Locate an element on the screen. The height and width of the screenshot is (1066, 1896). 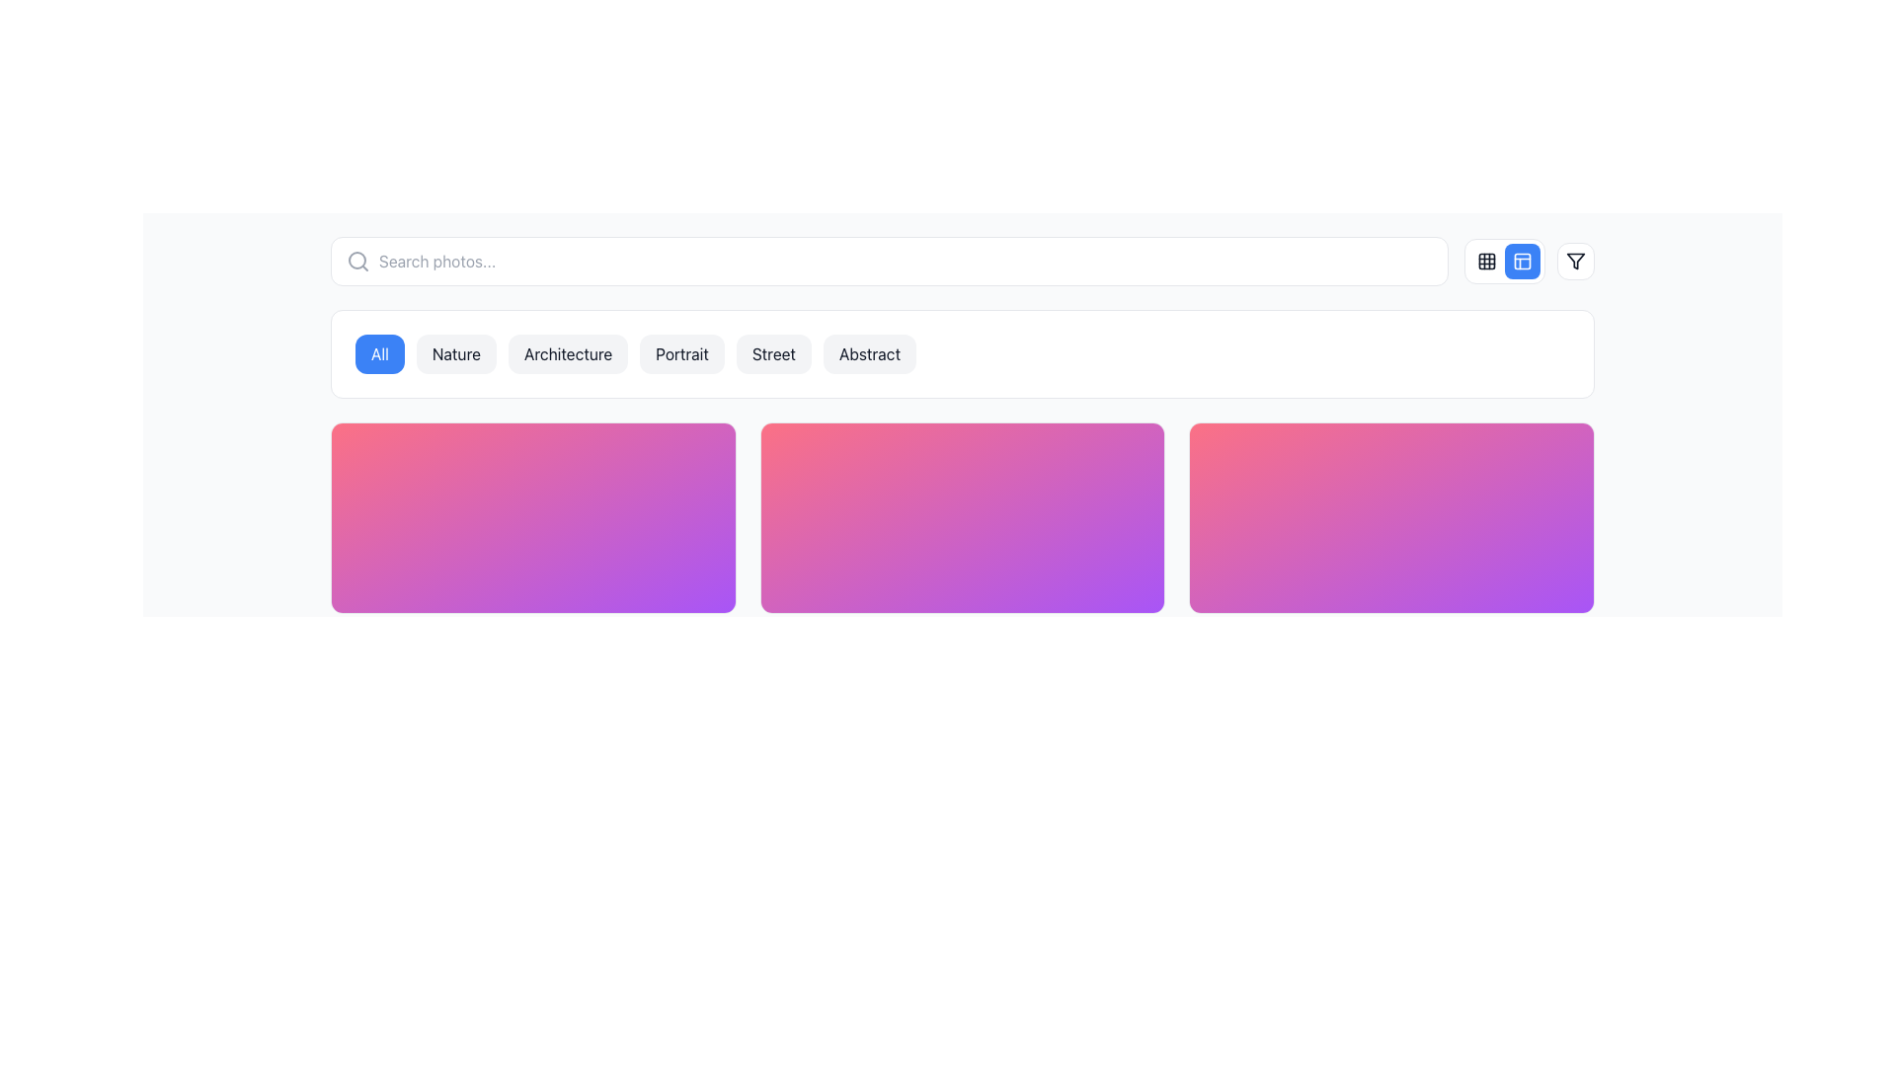
the icon button located in the top navigation bar, positioned to the right of the grid layout icon and to the left of the filter icon, to change the view layout is located at coordinates (1521, 261).